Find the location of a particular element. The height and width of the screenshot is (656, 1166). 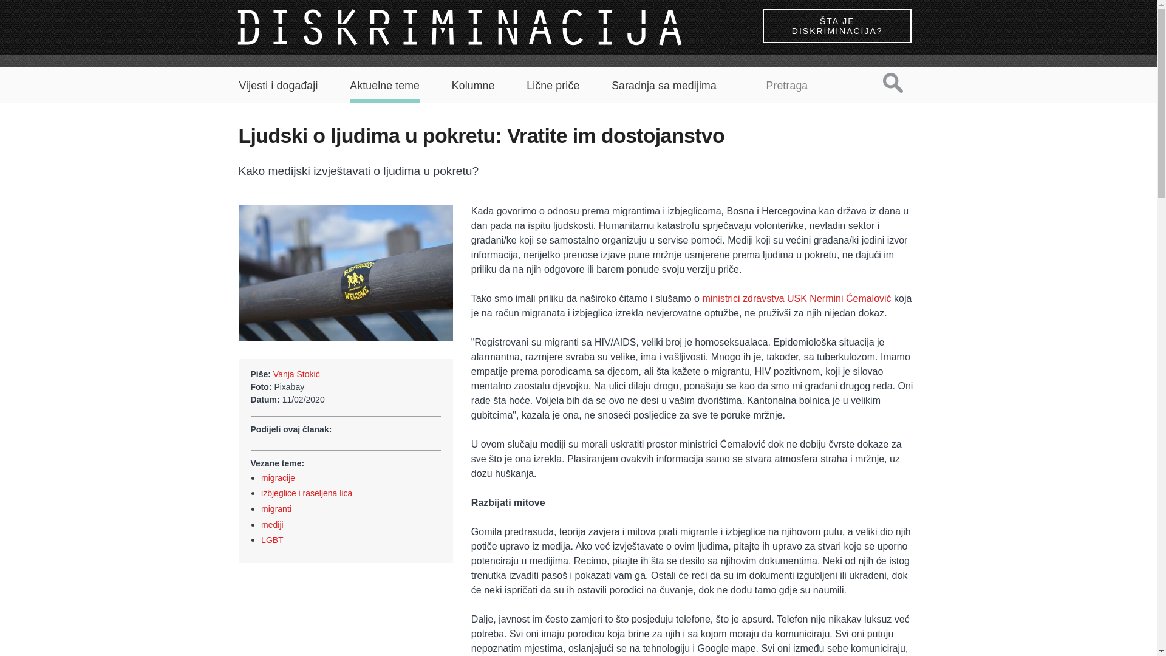

'Aktuelne teme' is located at coordinates (384, 91).